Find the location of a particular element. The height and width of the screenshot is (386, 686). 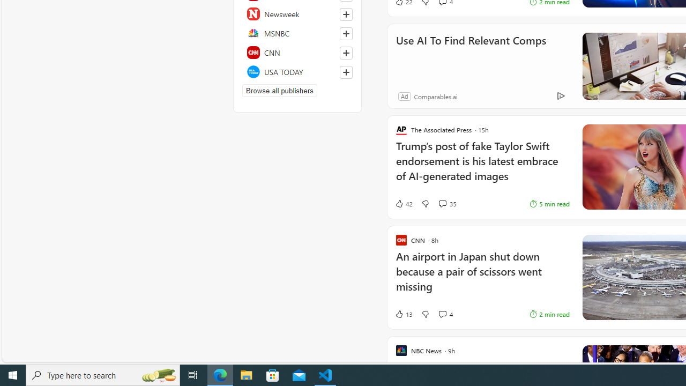

'View comments 4 Comment' is located at coordinates (442, 314).